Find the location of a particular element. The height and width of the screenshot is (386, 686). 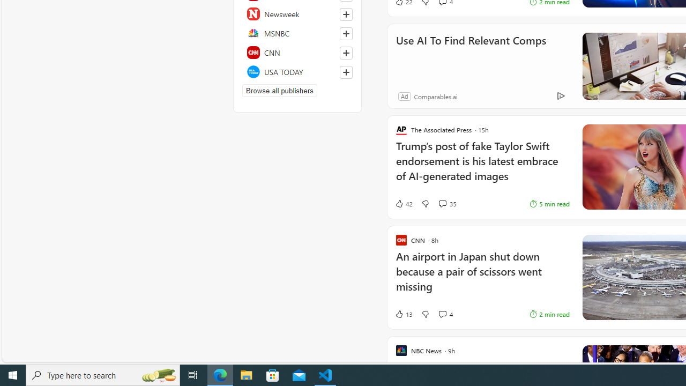

'View comments 4 Comment' is located at coordinates (442, 314).